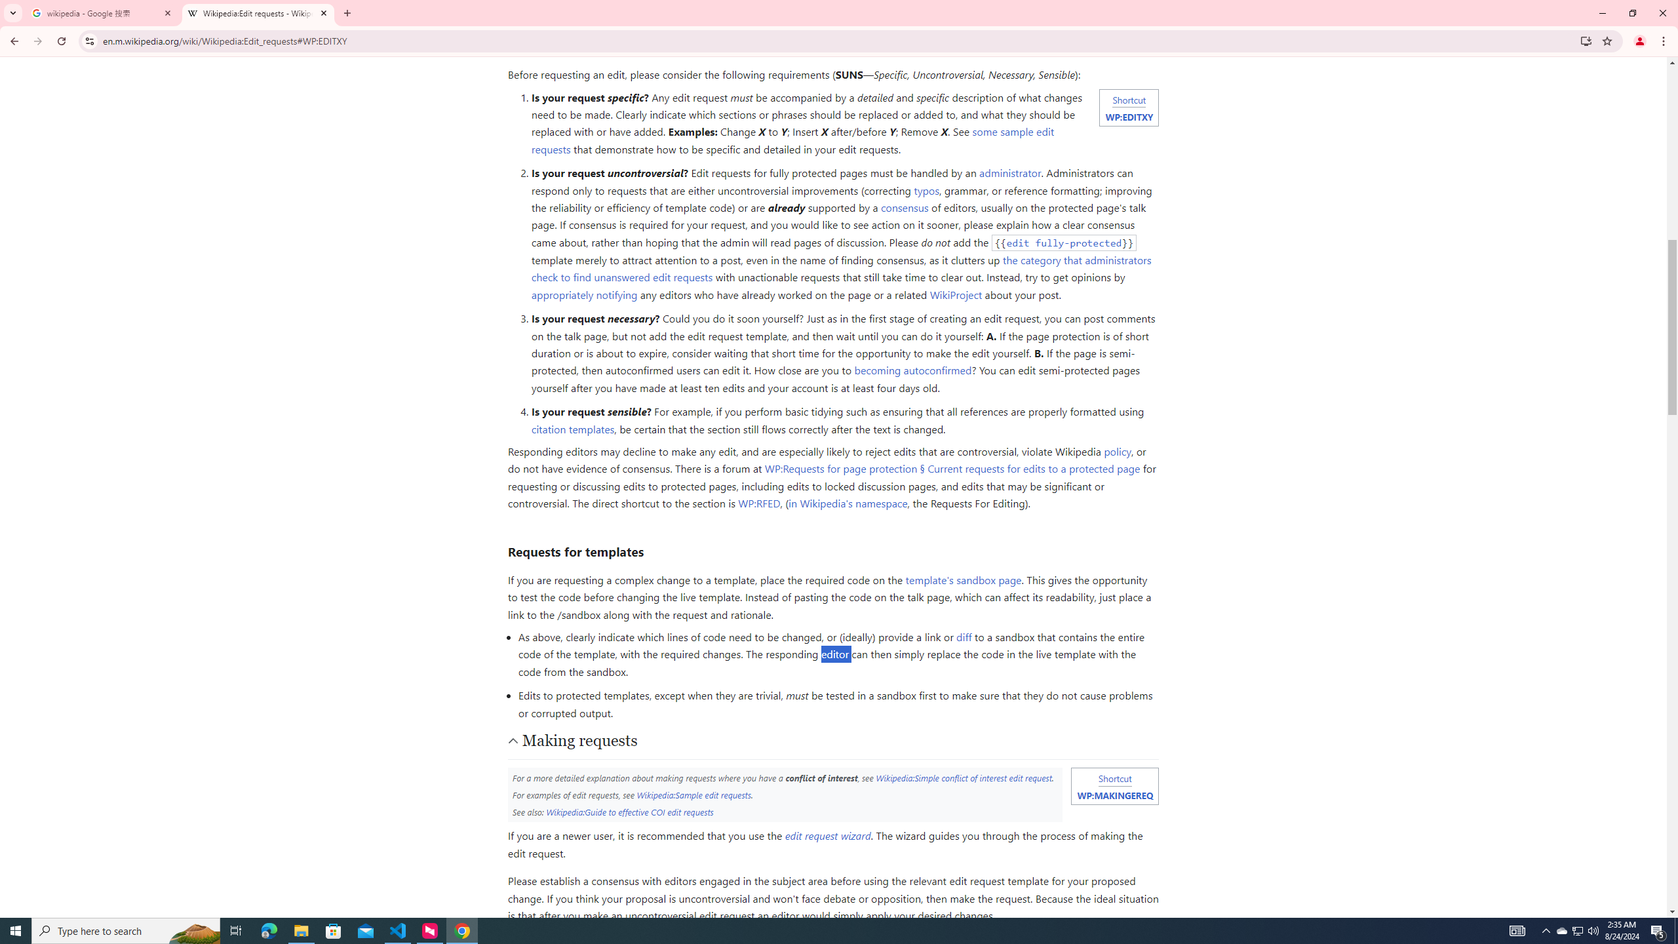 This screenshot has width=1678, height=944. Describe the element at coordinates (258, 12) in the screenshot. I see `'Wikipedia:Edit requests - Wikipedia'` at that location.